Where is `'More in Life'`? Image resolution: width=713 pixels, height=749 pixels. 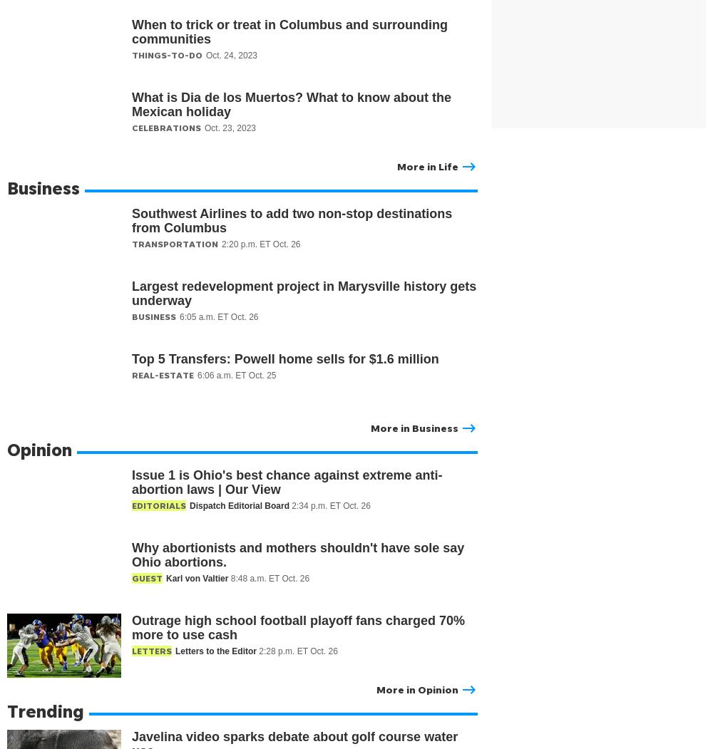 'More in Life' is located at coordinates (427, 165).